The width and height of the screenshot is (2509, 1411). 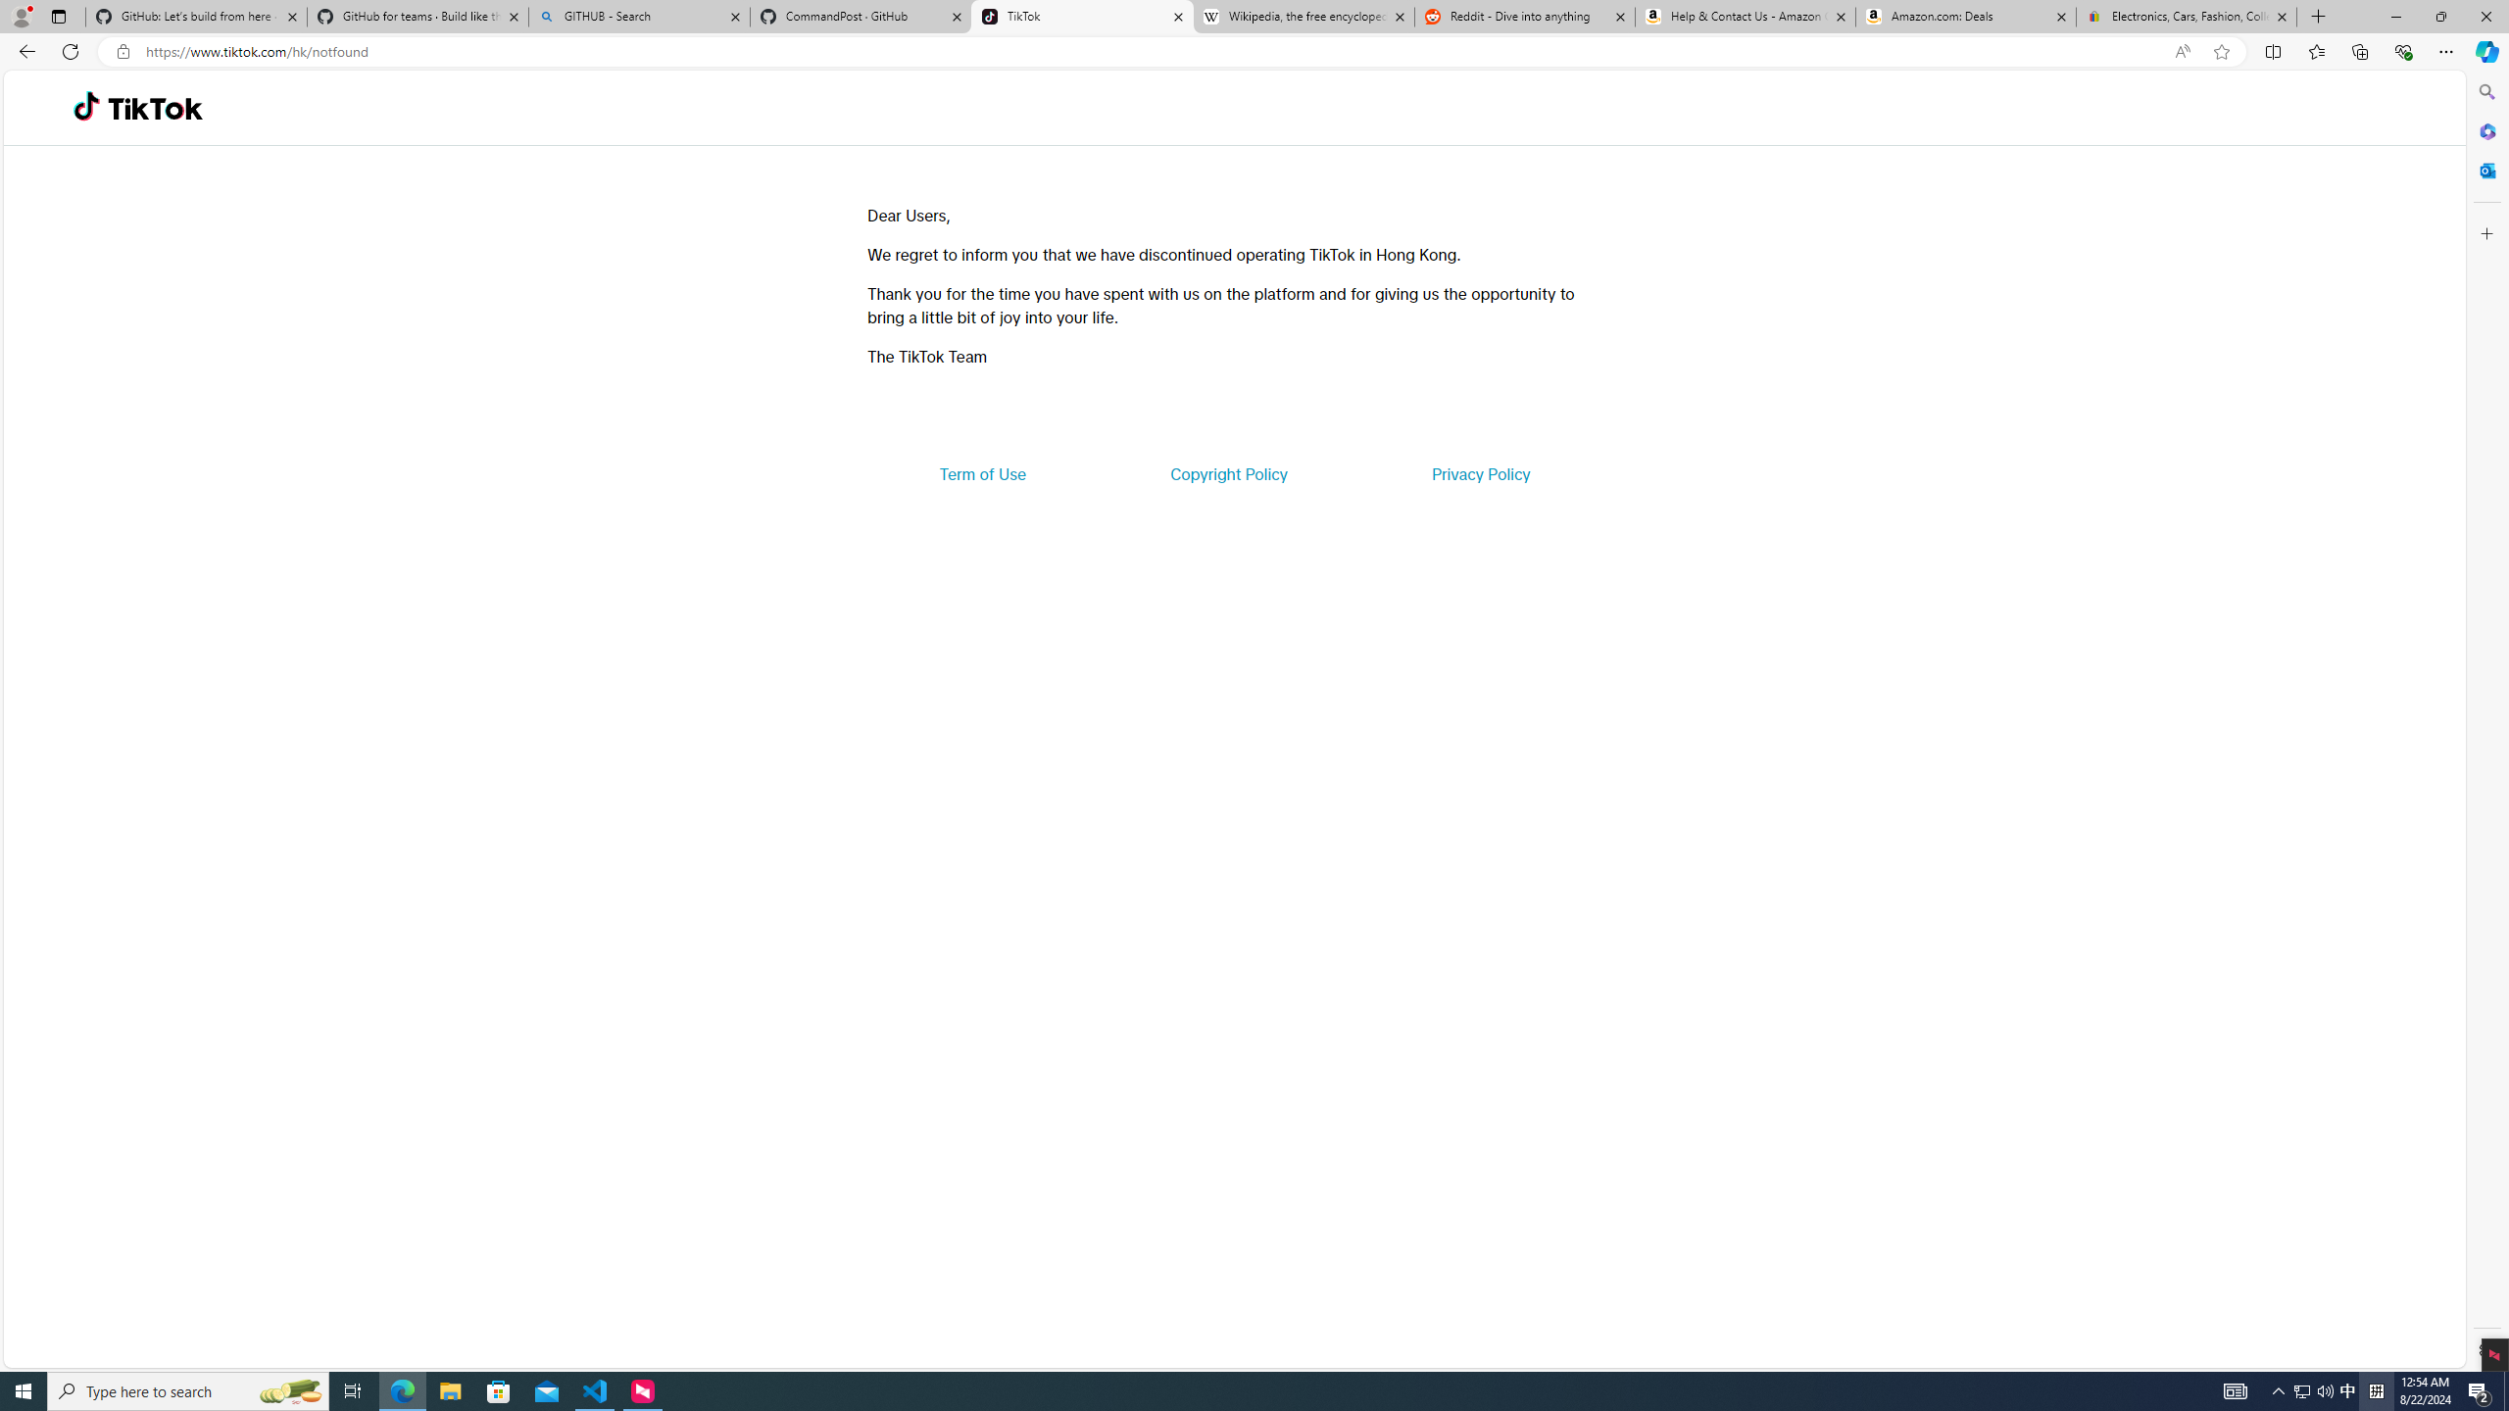 What do you see at coordinates (1965, 16) in the screenshot?
I see `'Amazon.com: Deals'` at bounding box center [1965, 16].